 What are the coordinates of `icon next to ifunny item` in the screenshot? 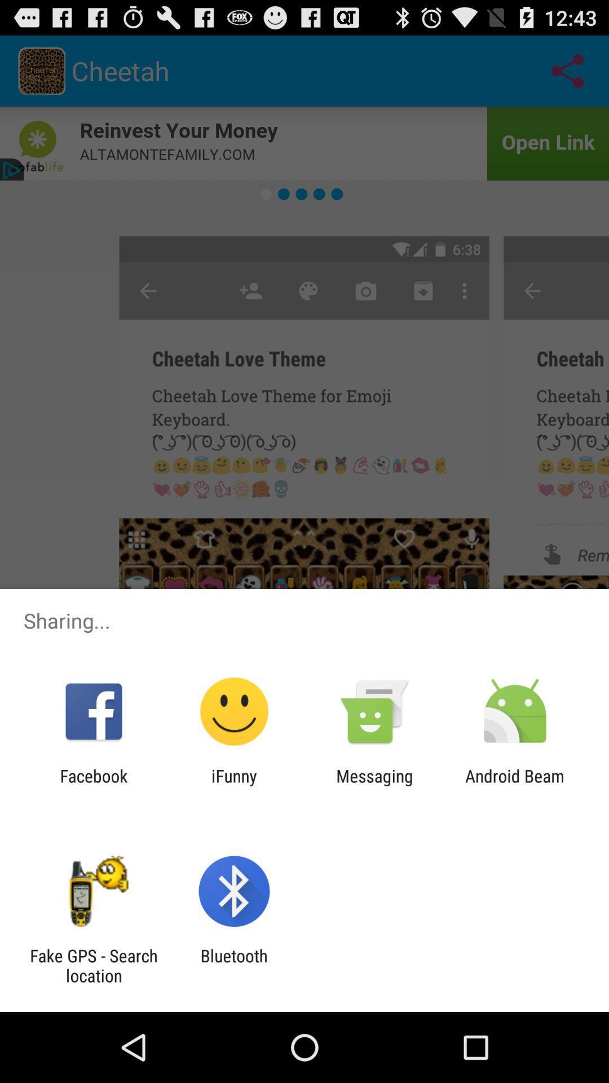 It's located at (93, 785).